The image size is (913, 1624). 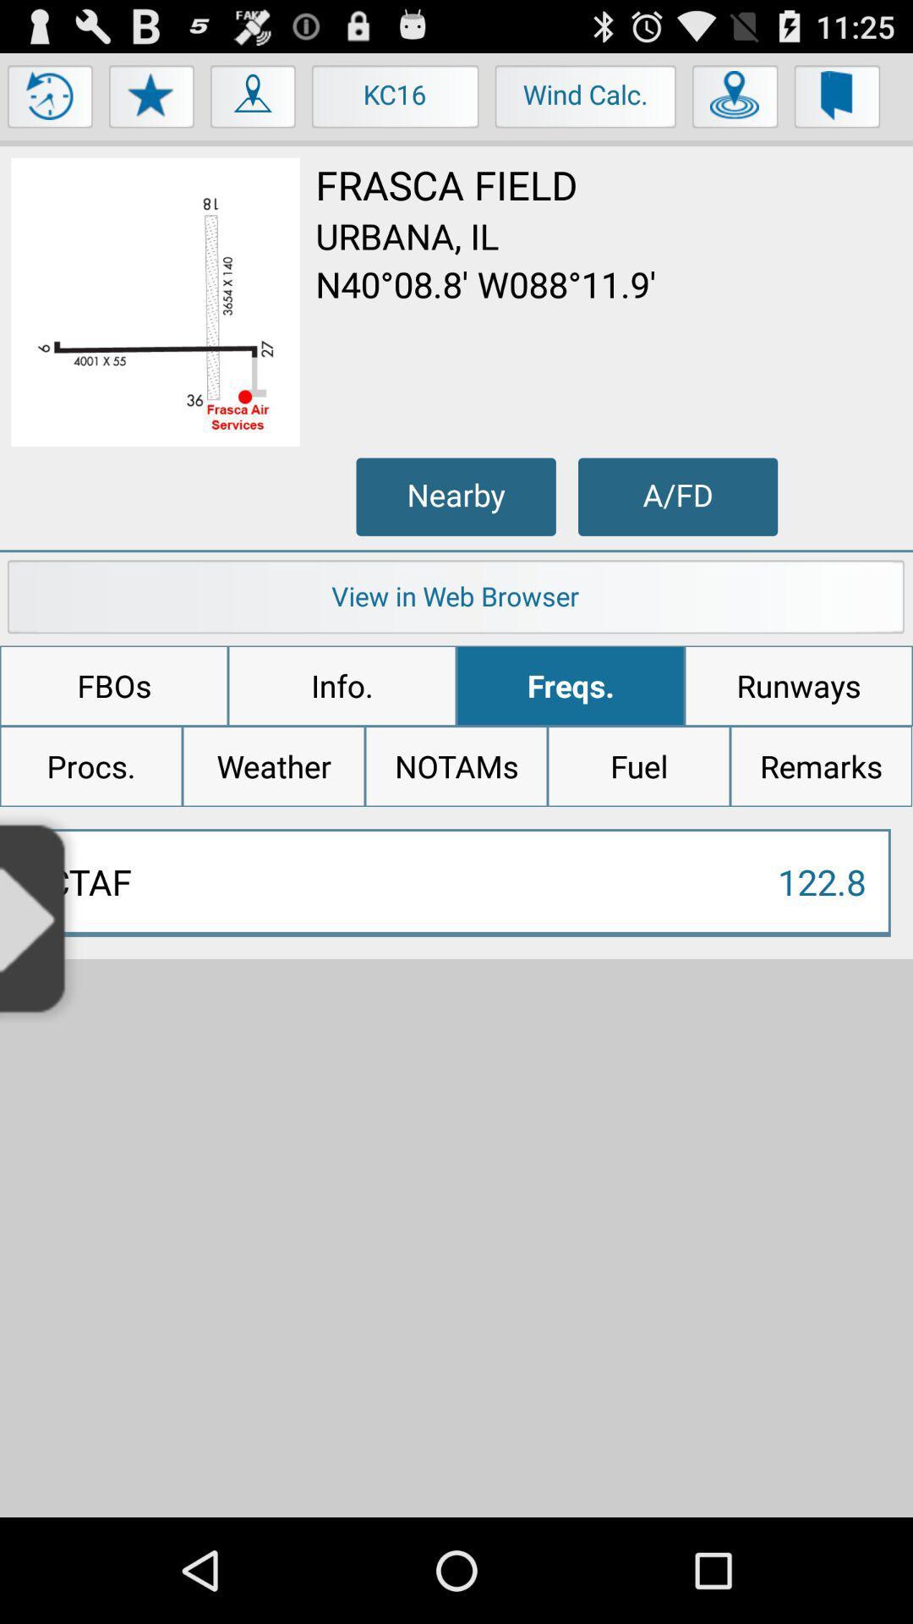 I want to click on people, so click(x=254, y=100).